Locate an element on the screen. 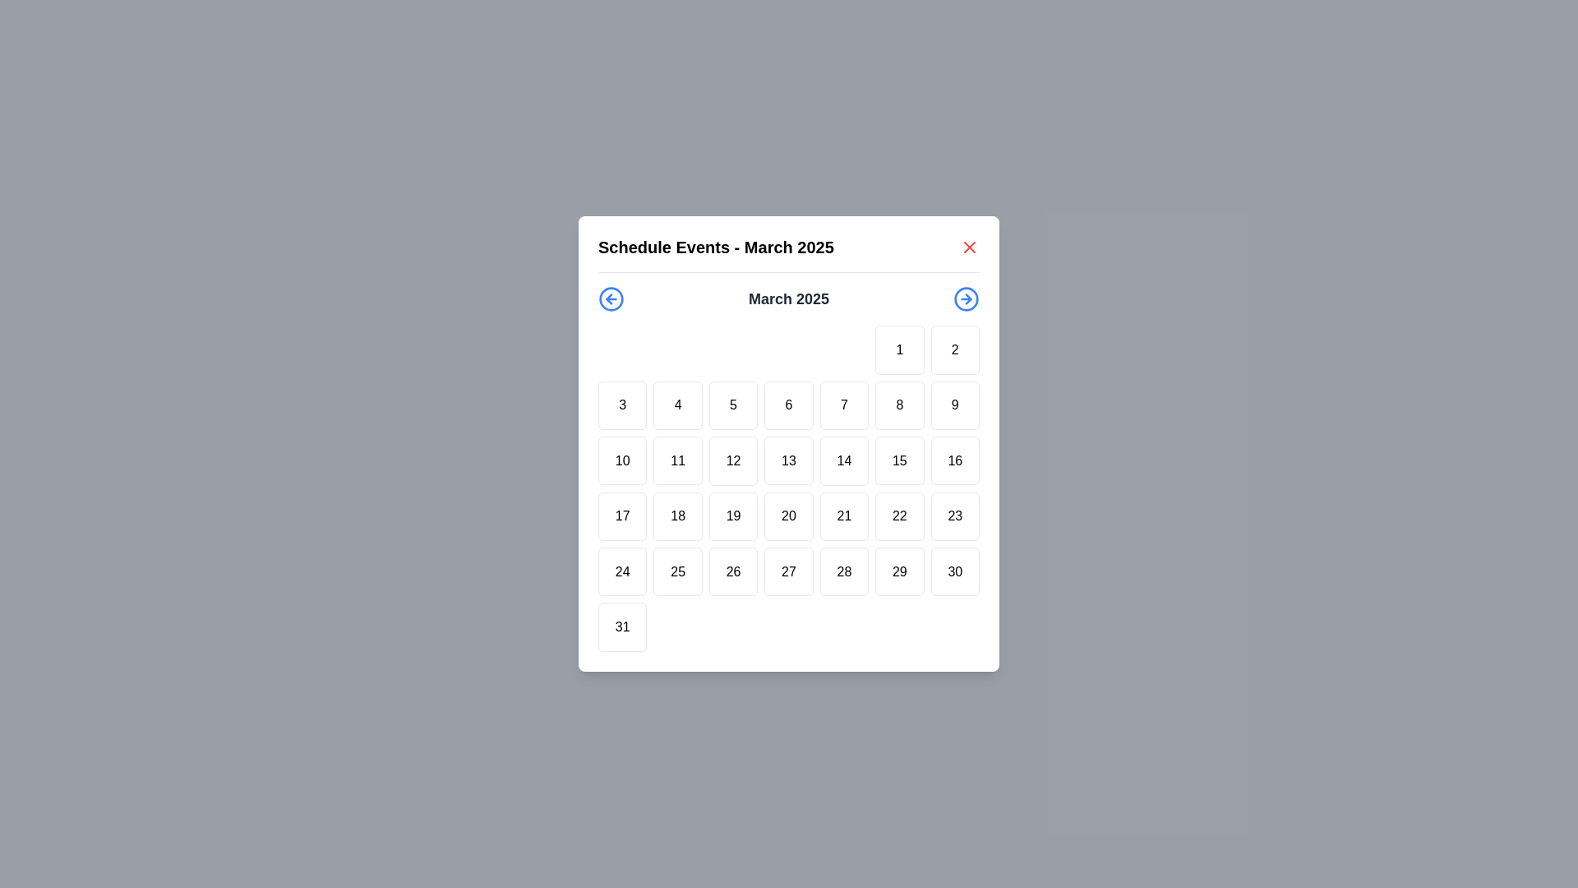  the header text of the modal, which contains the calendar title, to read it is located at coordinates (789, 253).